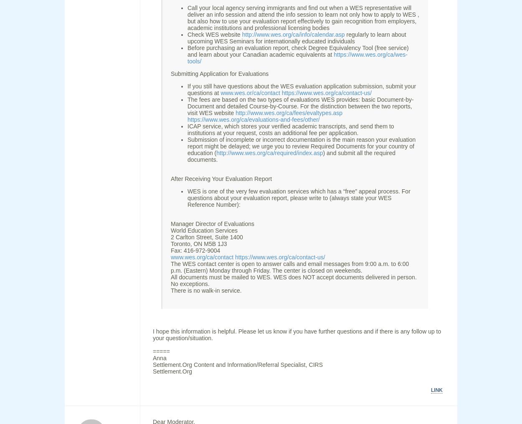 This screenshot has height=424, width=522. Describe the element at coordinates (437, 390) in the screenshot. I see `'link'` at that location.